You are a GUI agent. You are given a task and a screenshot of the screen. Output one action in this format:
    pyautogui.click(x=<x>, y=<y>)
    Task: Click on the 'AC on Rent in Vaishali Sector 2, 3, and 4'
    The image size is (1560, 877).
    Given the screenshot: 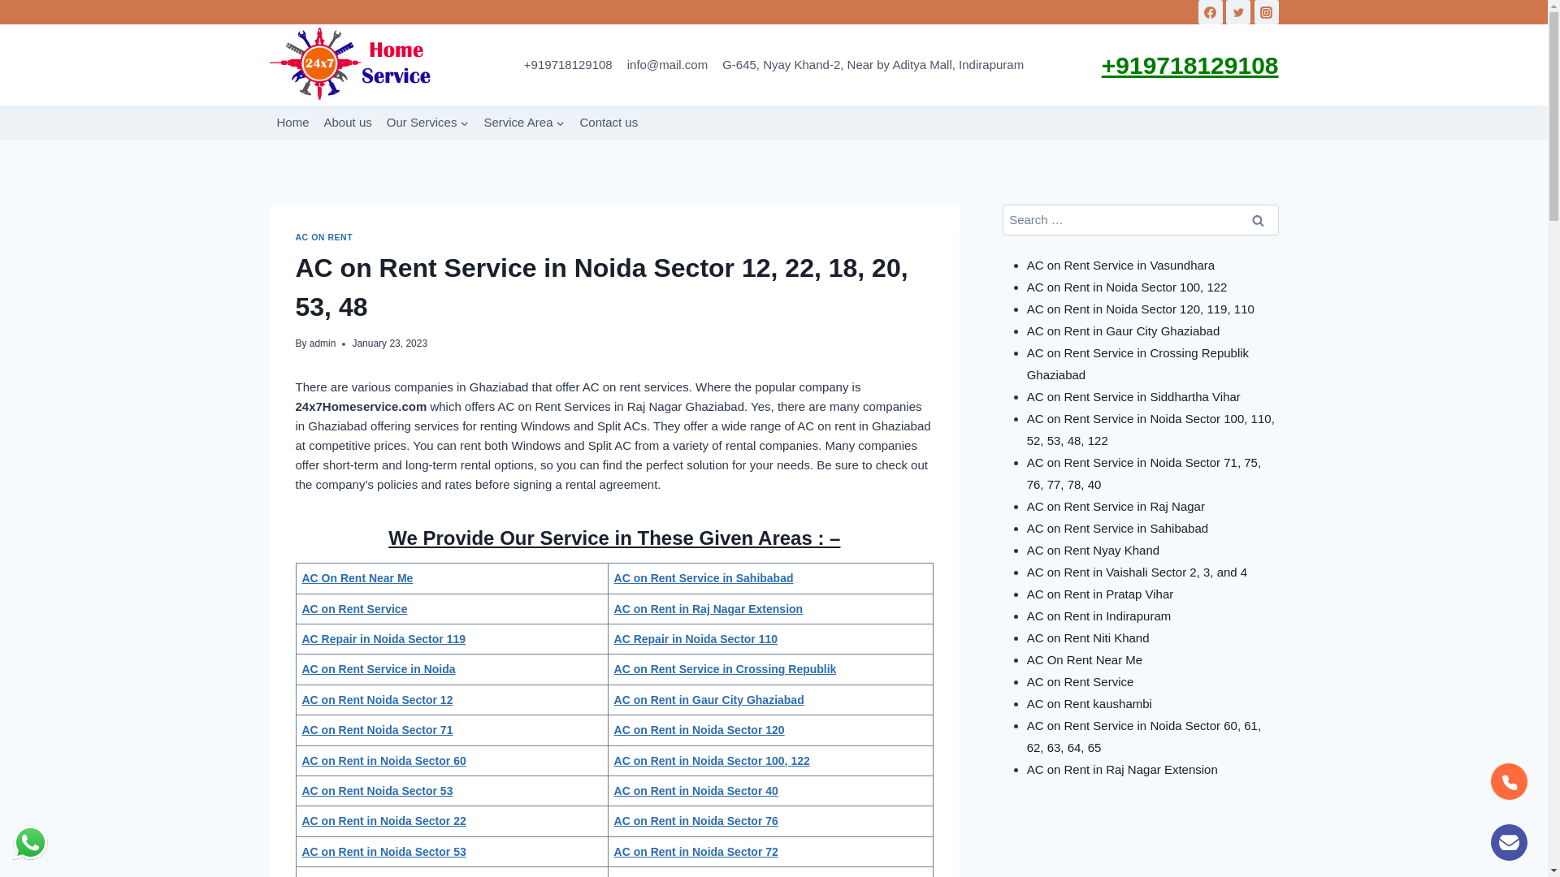 What is the action you would take?
    pyautogui.click(x=1137, y=571)
    